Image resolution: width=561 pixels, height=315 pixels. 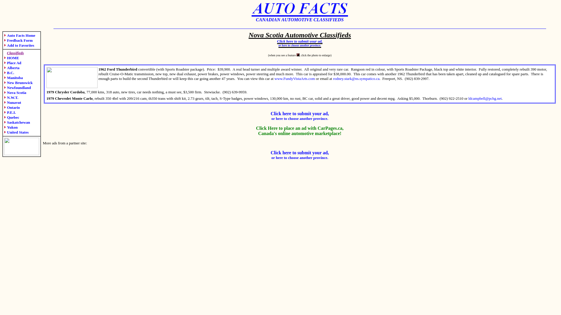 I want to click on 'Newfoundland', so click(x=17, y=87).